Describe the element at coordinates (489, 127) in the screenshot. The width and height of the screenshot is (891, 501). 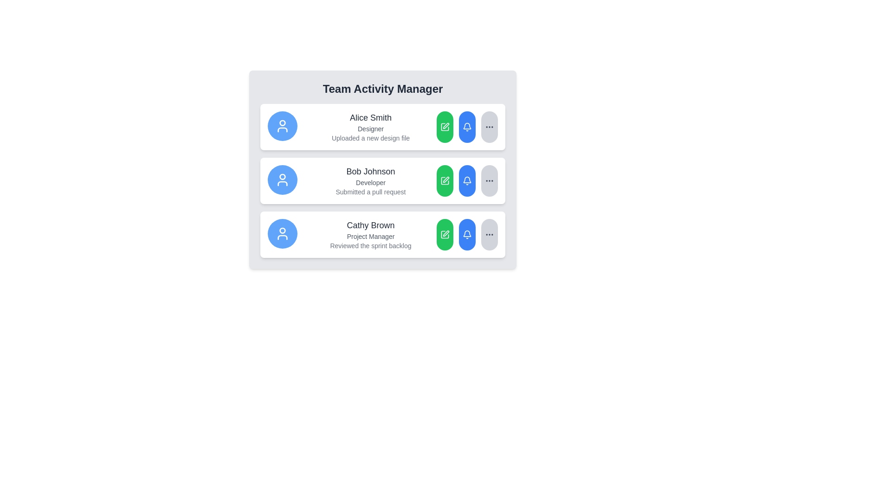
I see `the rightmost button` at that location.